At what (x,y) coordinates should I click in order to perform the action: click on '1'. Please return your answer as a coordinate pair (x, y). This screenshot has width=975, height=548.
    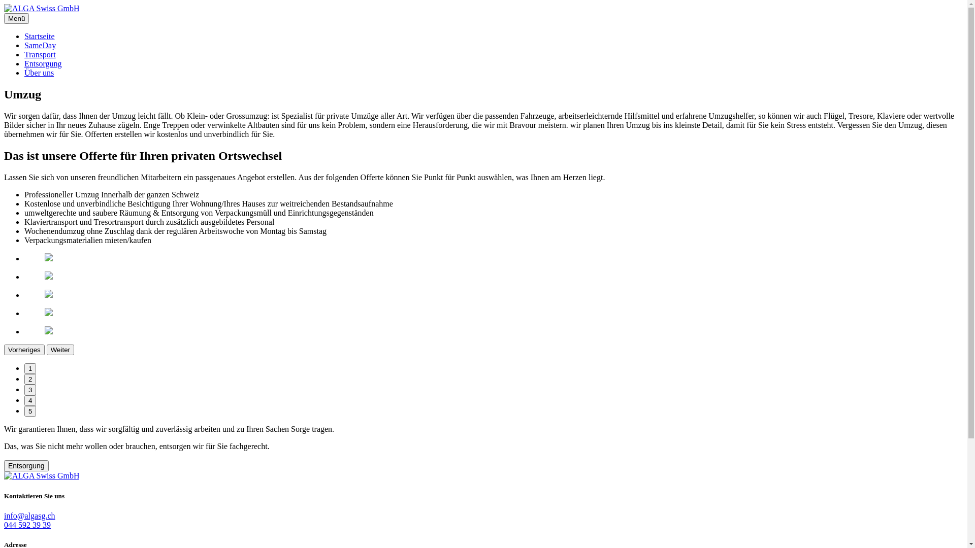
    Looking at the image, I should click on (30, 368).